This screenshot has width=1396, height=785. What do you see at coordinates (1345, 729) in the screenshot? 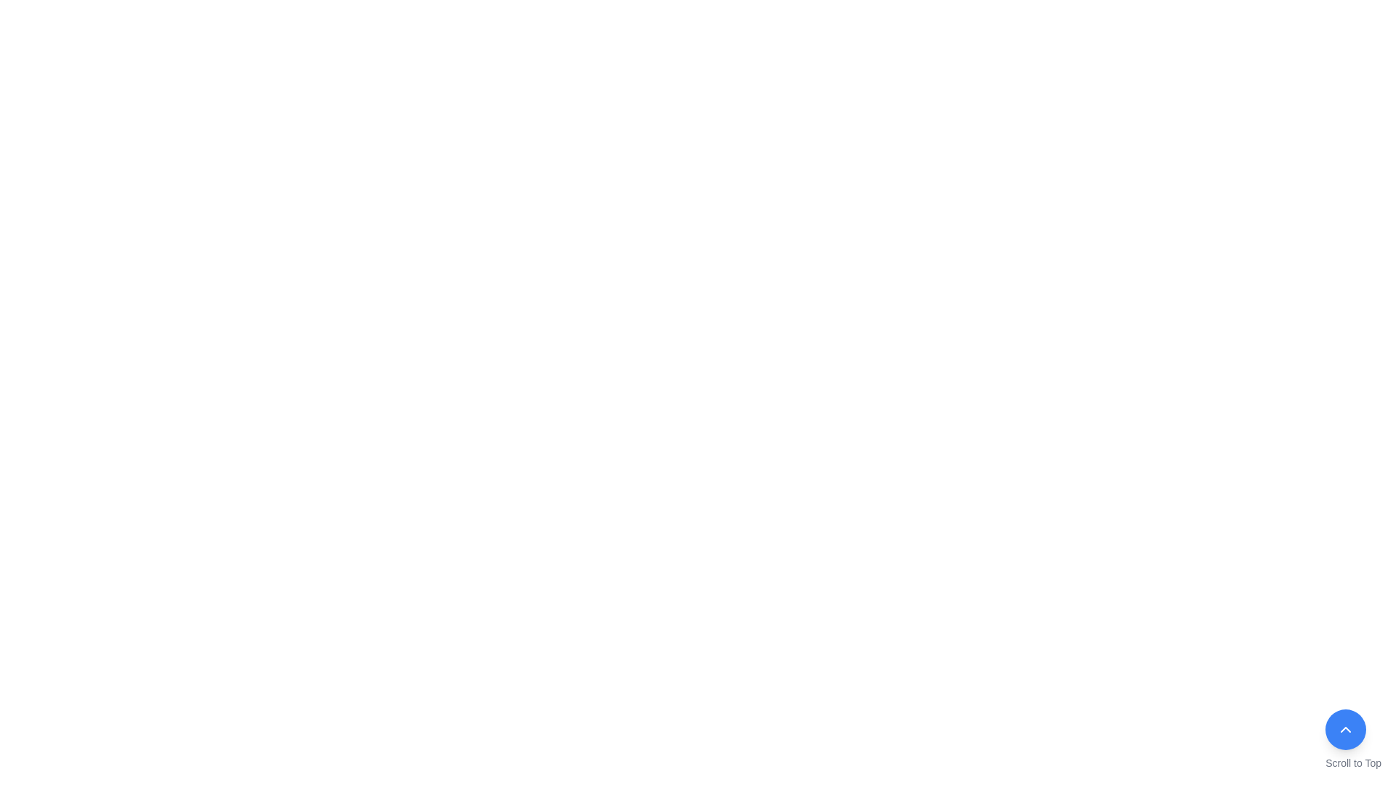
I see `the upward-pointing chevron icon, which is a small triangle outlined in white on a blue circular background, located centrally within the button in the bottom-right corner of the interface` at bounding box center [1345, 729].